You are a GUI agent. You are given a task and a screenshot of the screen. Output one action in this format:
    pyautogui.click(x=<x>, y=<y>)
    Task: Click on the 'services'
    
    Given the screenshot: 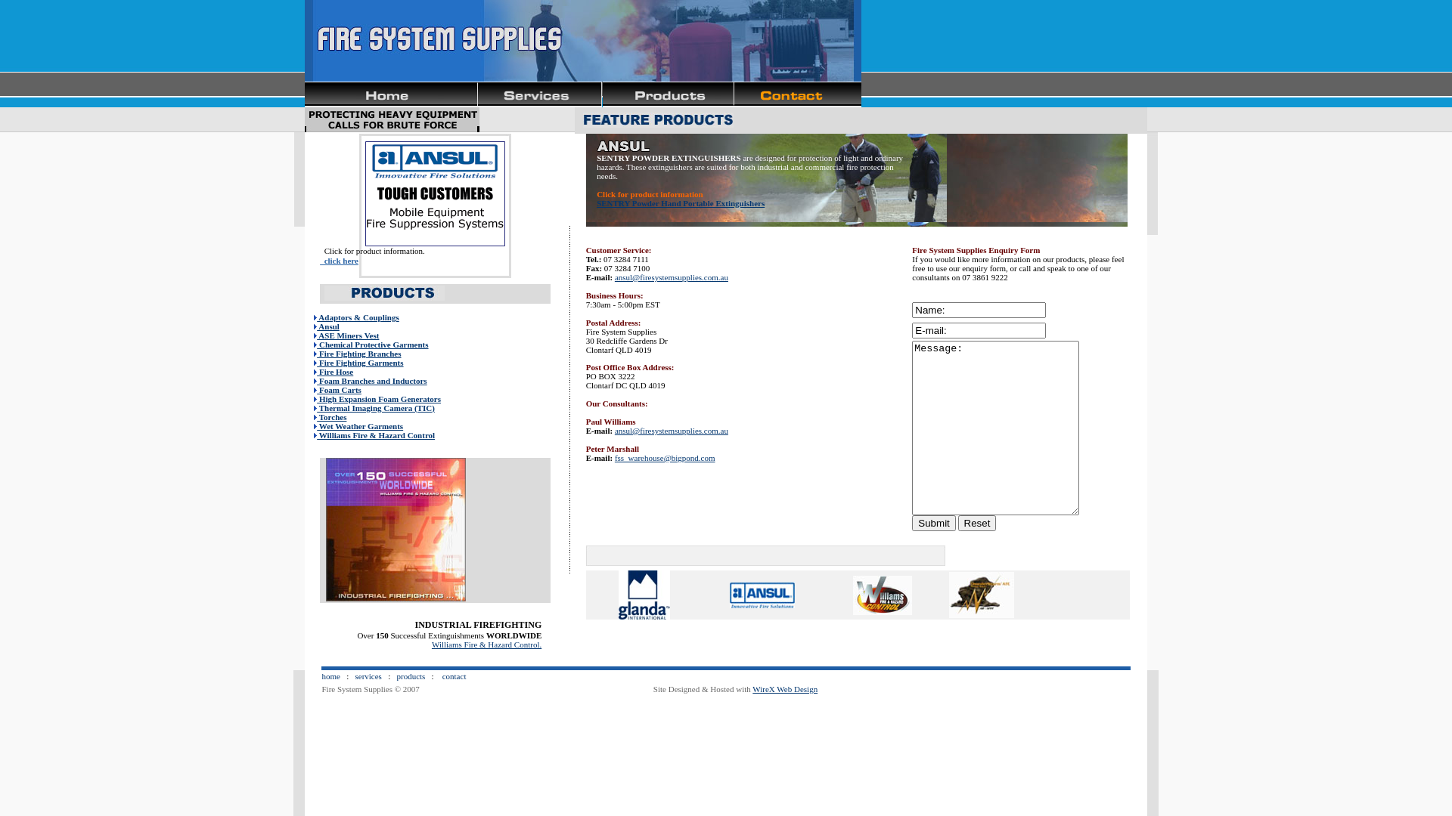 What is the action you would take?
    pyautogui.click(x=368, y=675)
    